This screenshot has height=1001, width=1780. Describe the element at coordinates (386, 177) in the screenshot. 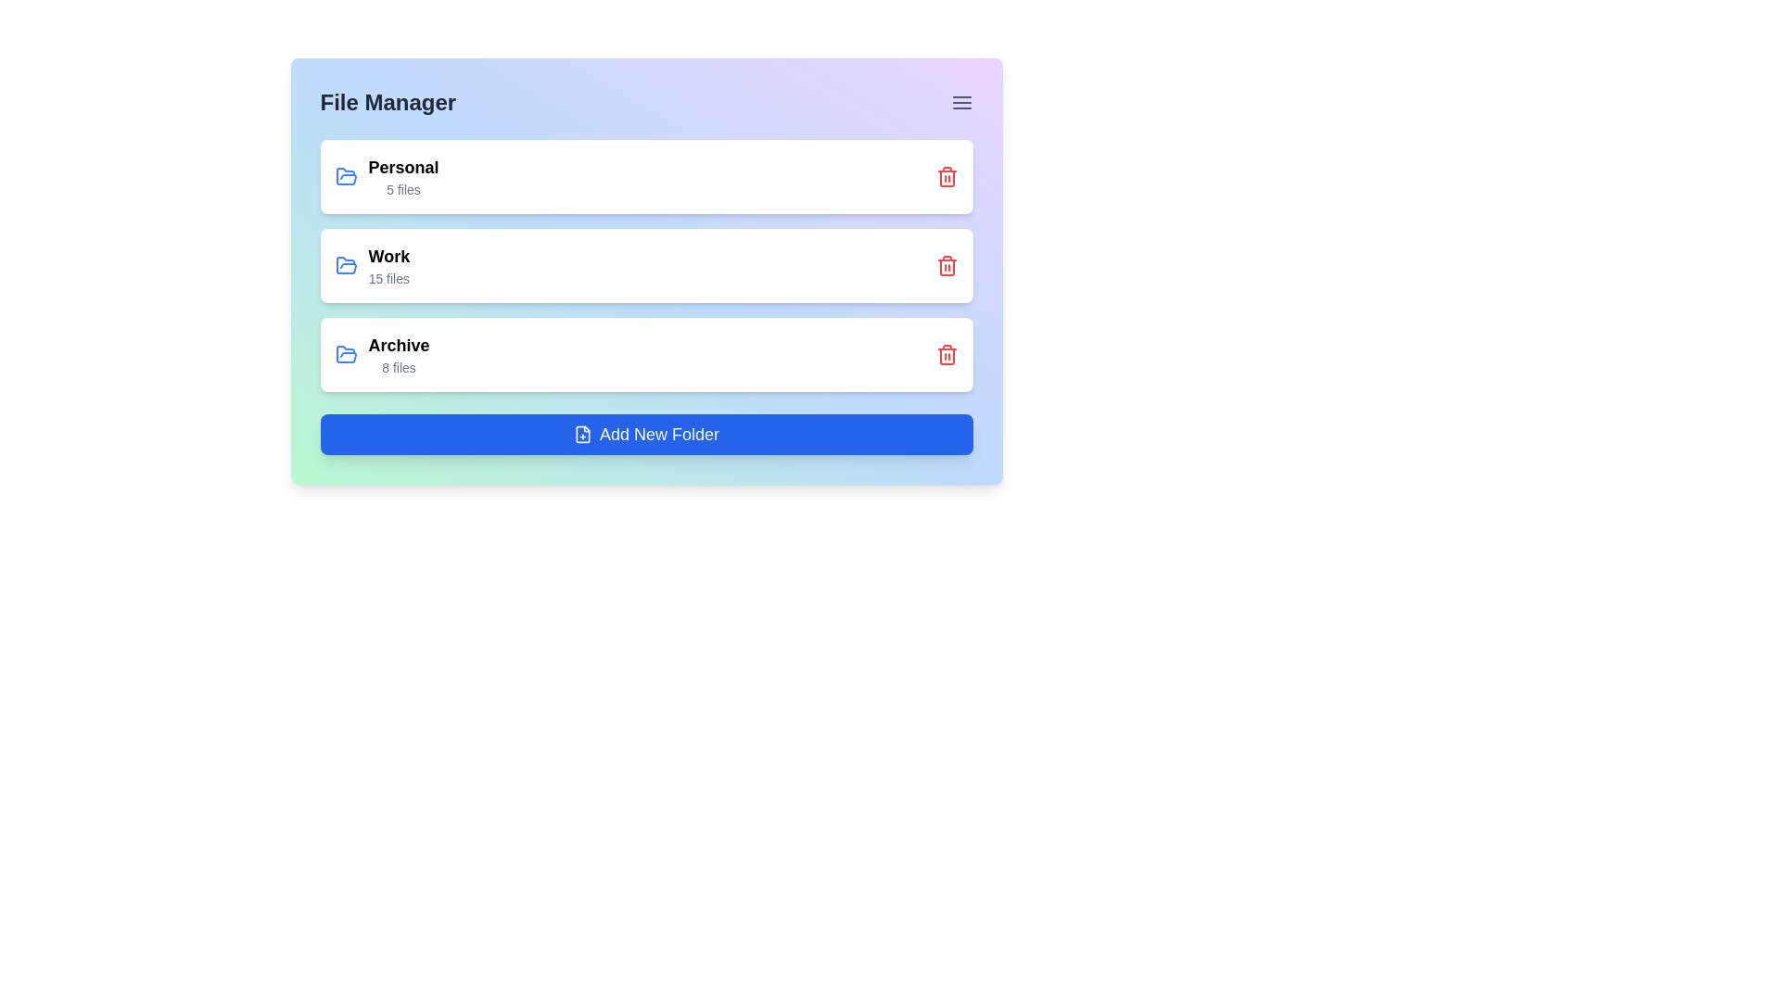

I see `the folder labeled Personal to view its details` at that location.